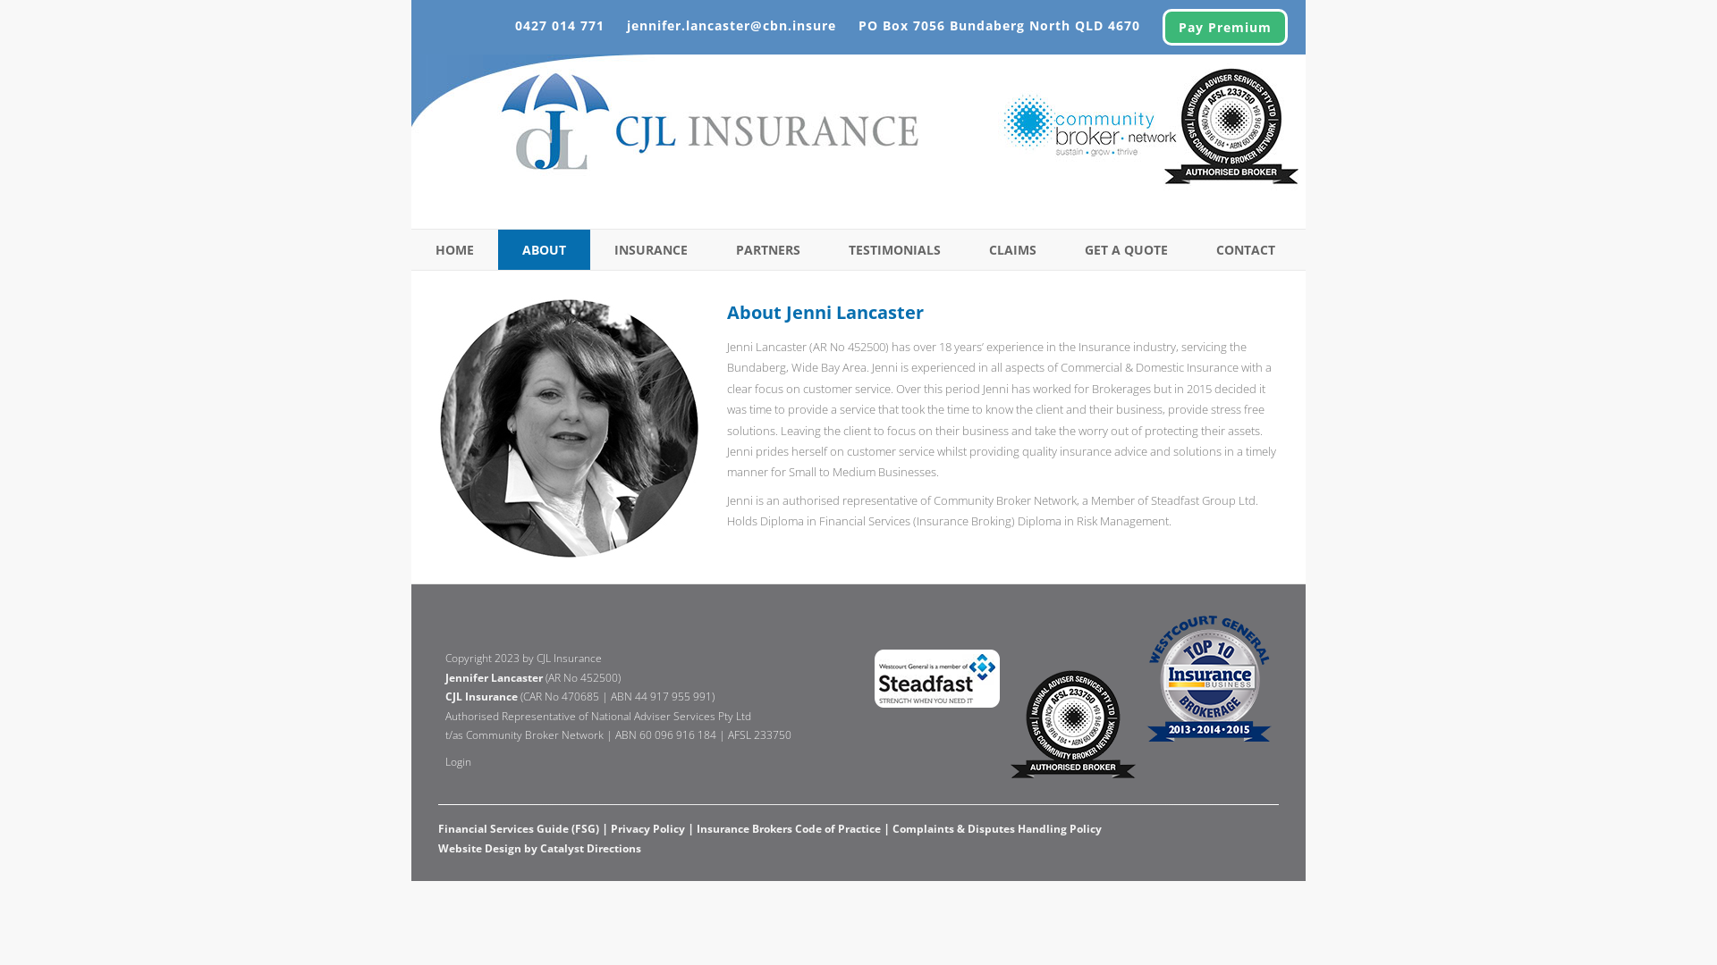  What do you see at coordinates (711, 249) in the screenshot?
I see `'PARTNERS'` at bounding box center [711, 249].